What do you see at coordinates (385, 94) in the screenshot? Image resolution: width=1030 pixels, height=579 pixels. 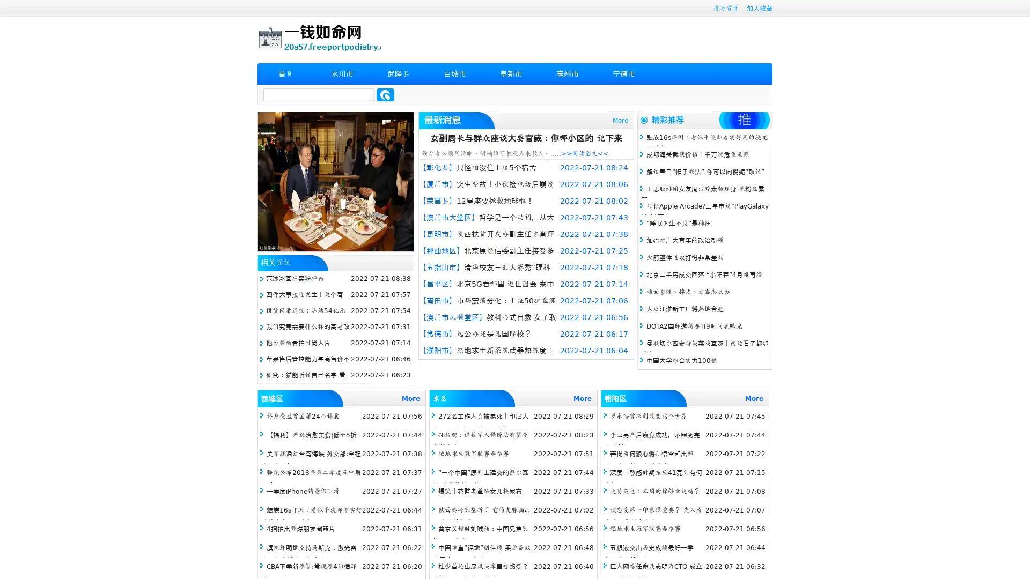 I see `Search` at bounding box center [385, 94].